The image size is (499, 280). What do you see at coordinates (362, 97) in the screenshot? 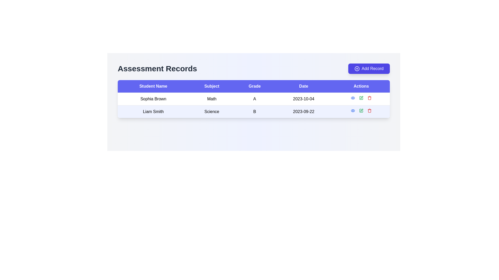
I see `the edit icon button located in the 'Actions' column of the second row in the table` at bounding box center [362, 97].